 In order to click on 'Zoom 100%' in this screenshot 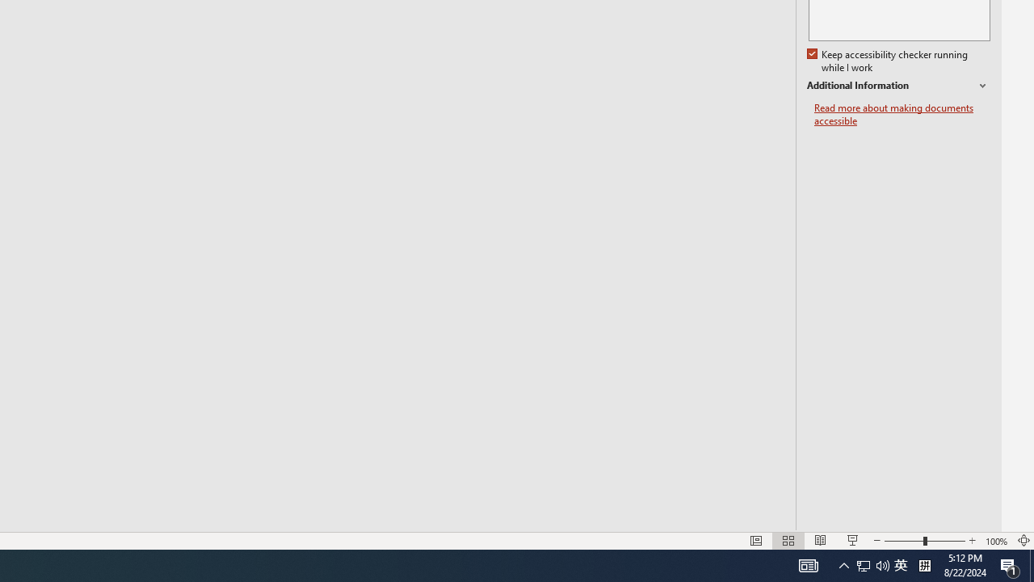, I will do `click(996, 541)`.